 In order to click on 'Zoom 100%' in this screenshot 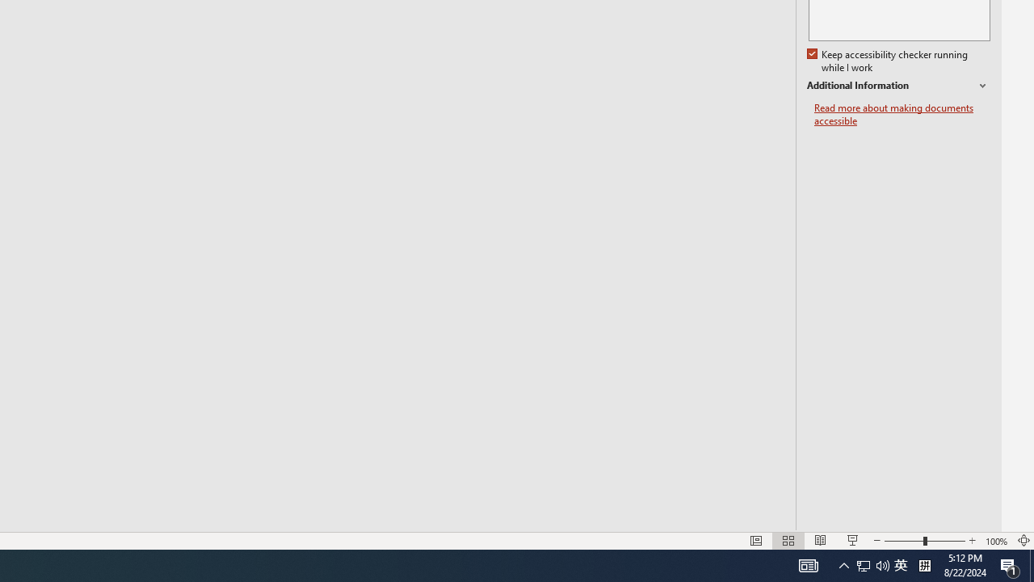, I will do `click(996, 541)`.